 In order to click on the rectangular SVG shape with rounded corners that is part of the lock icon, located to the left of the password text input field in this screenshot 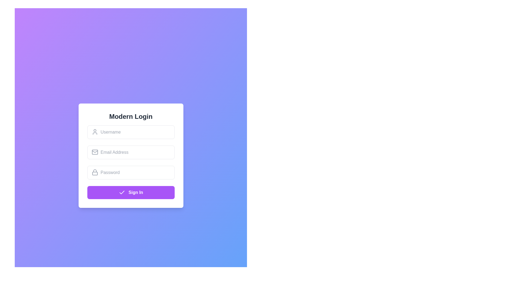, I will do `click(95, 173)`.